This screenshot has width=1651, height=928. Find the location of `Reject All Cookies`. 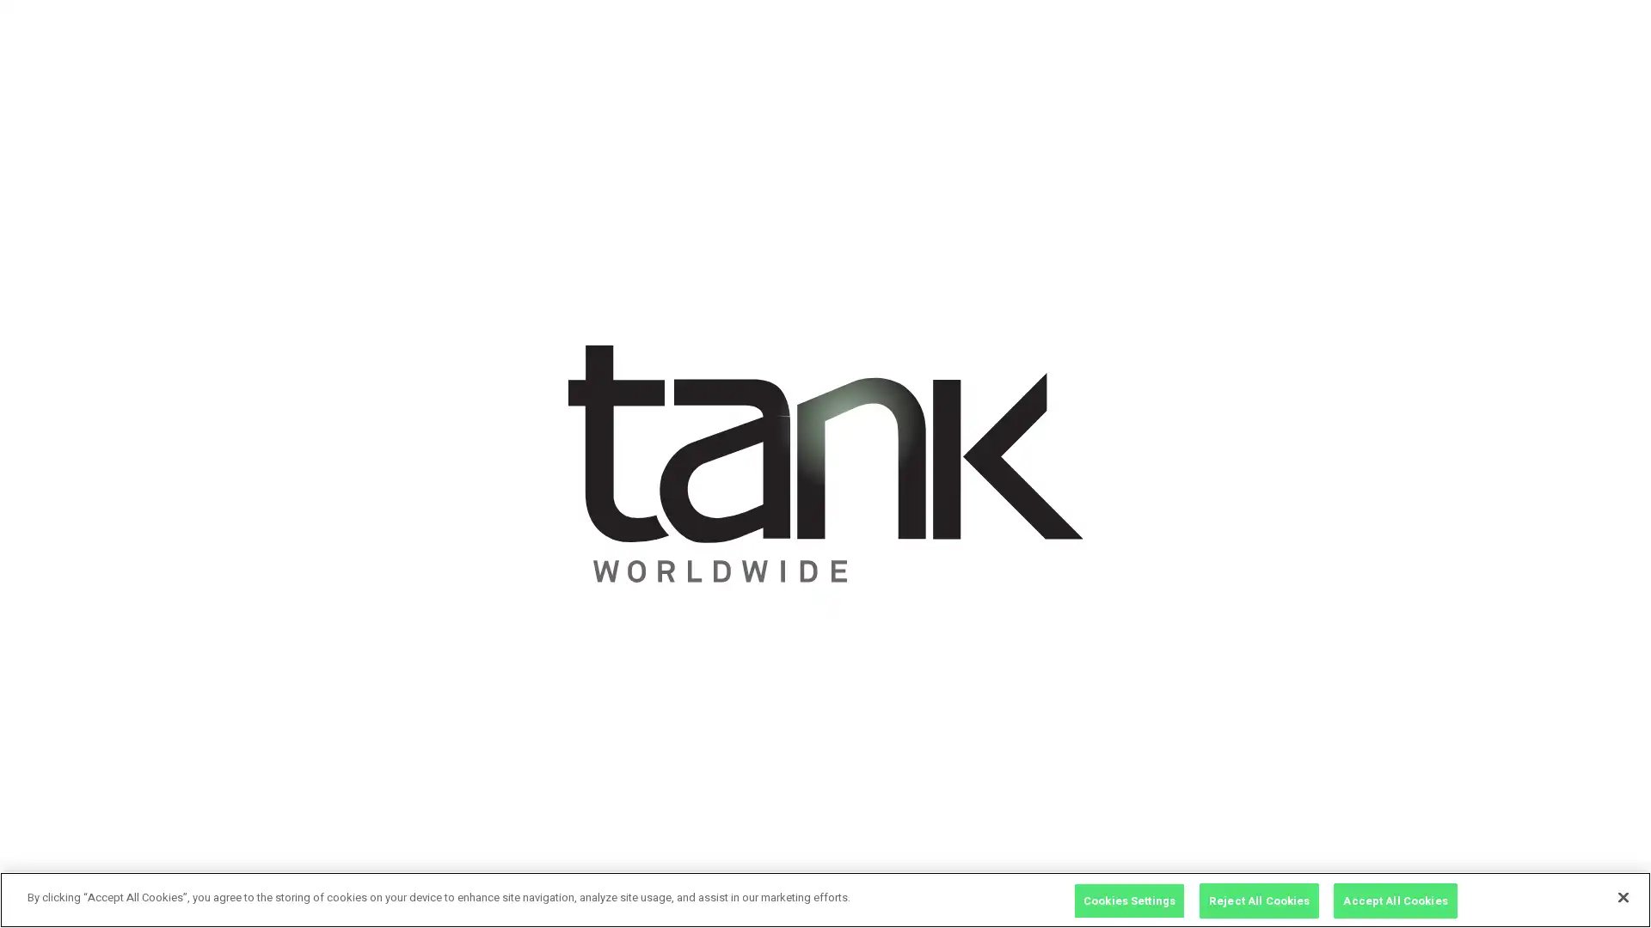

Reject All Cookies is located at coordinates (1259, 901).